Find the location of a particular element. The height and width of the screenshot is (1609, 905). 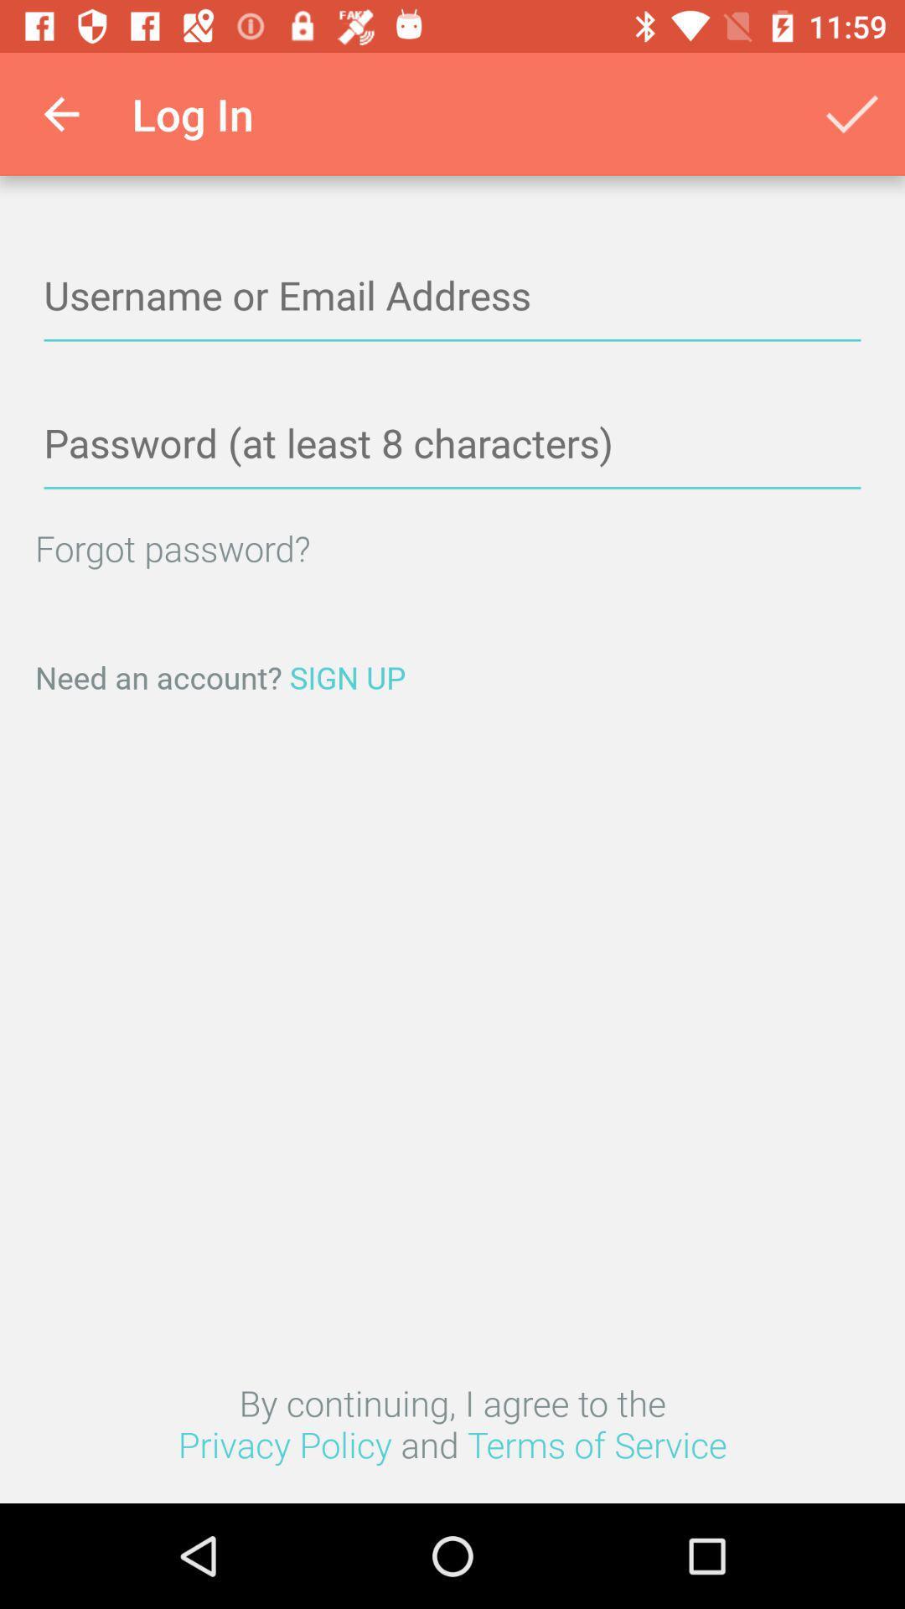

username or email address text input field is located at coordinates (452, 297).